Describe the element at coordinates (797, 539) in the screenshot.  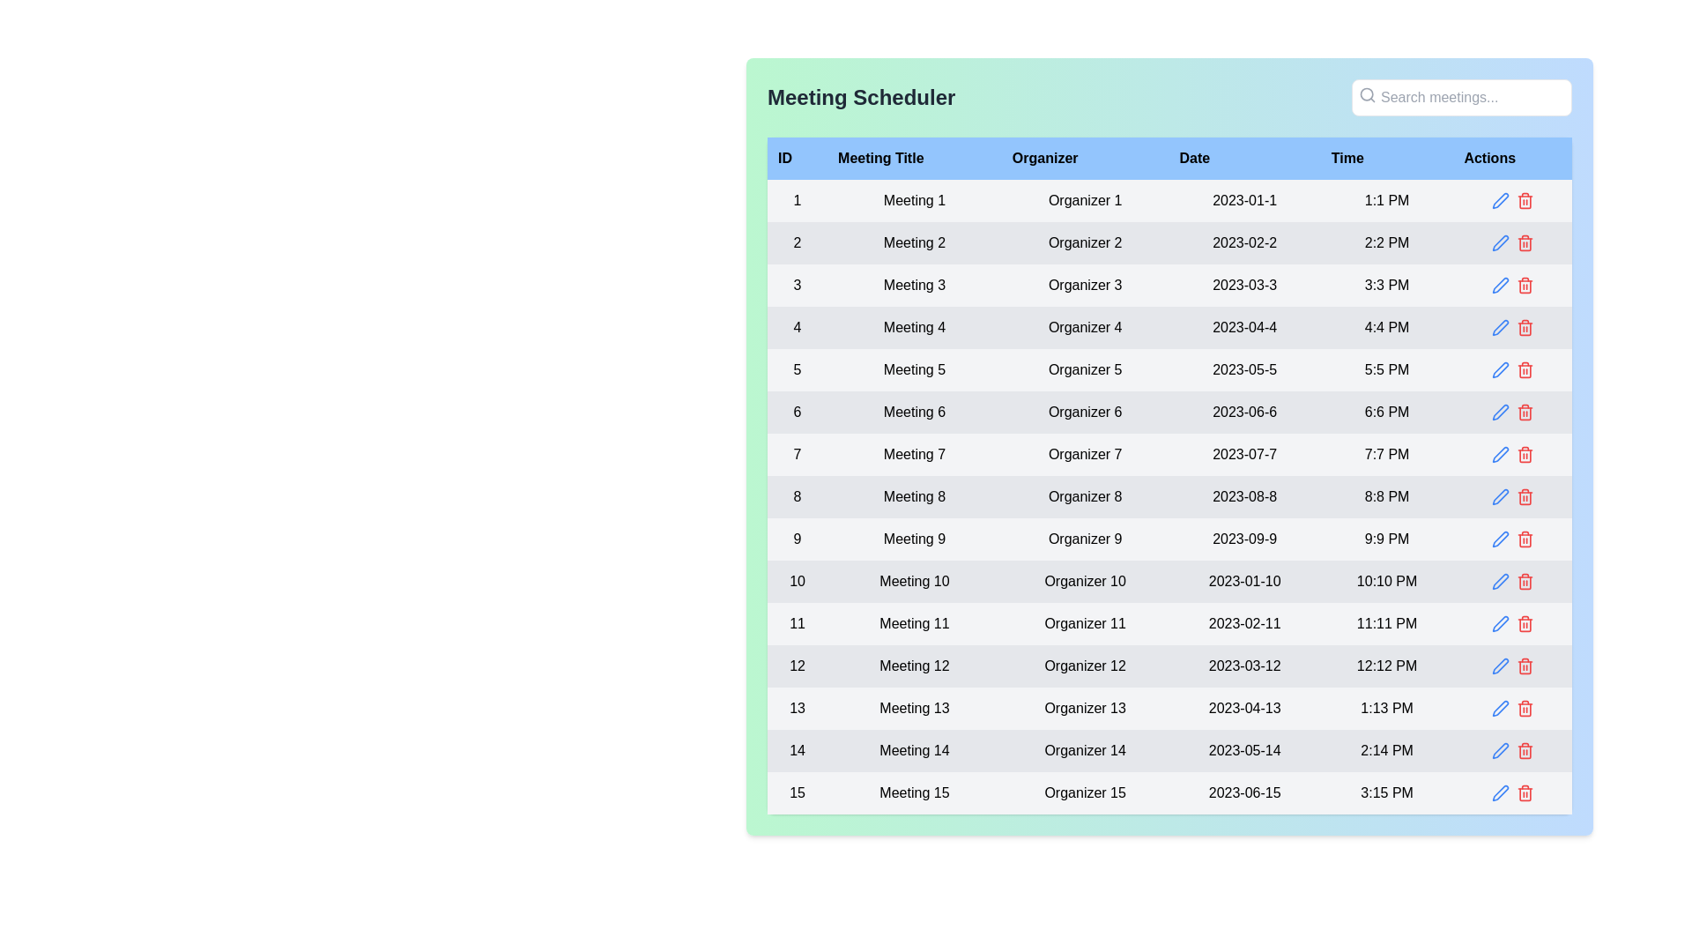
I see `the Table cell in the leftmost column of the data table under the header 'ID', representing the ninth row, which serves as a numeric identifier for the corresponding row` at that location.